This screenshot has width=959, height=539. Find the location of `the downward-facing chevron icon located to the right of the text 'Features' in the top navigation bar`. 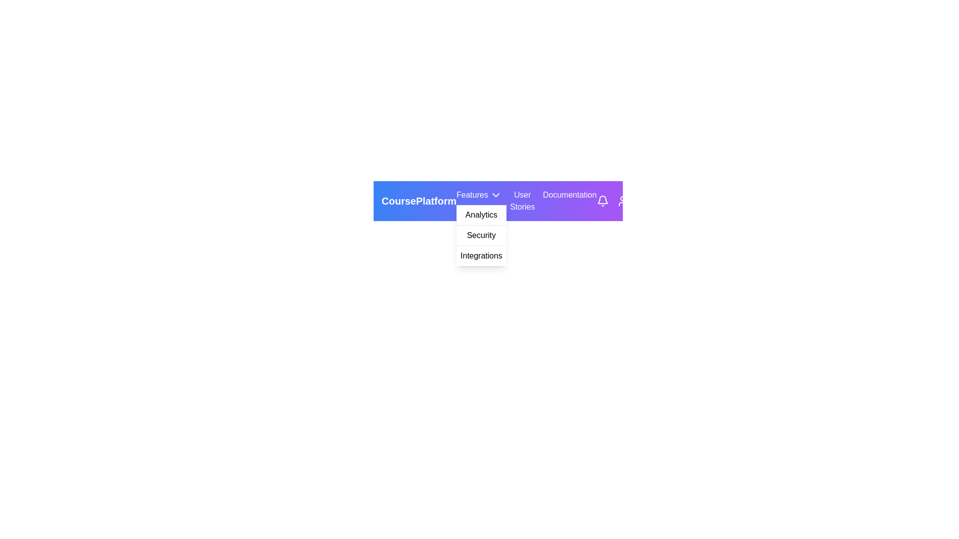

the downward-facing chevron icon located to the right of the text 'Features' in the top navigation bar is located at coordinates (496, 195).